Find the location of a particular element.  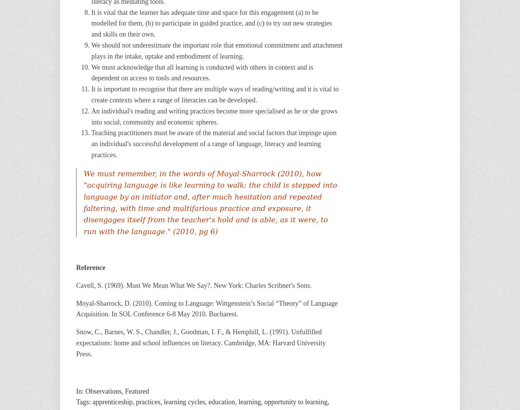

'Teaching practitioners must be aware of the material and social factors that impinge upon an individual's successful development of a range of language, literacy and learning practices.' is located at coordinates (91, 144).